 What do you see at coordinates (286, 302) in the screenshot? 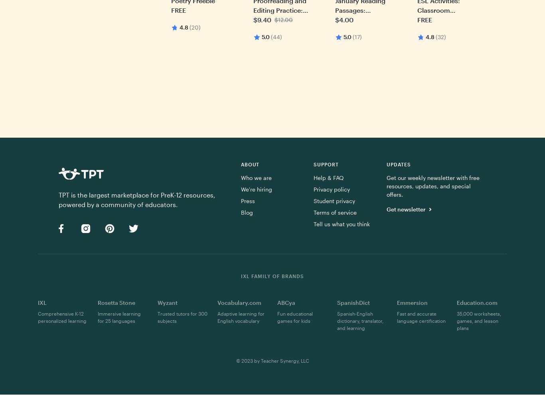
I see `'ABCya'` at bounding box center [286, 302].